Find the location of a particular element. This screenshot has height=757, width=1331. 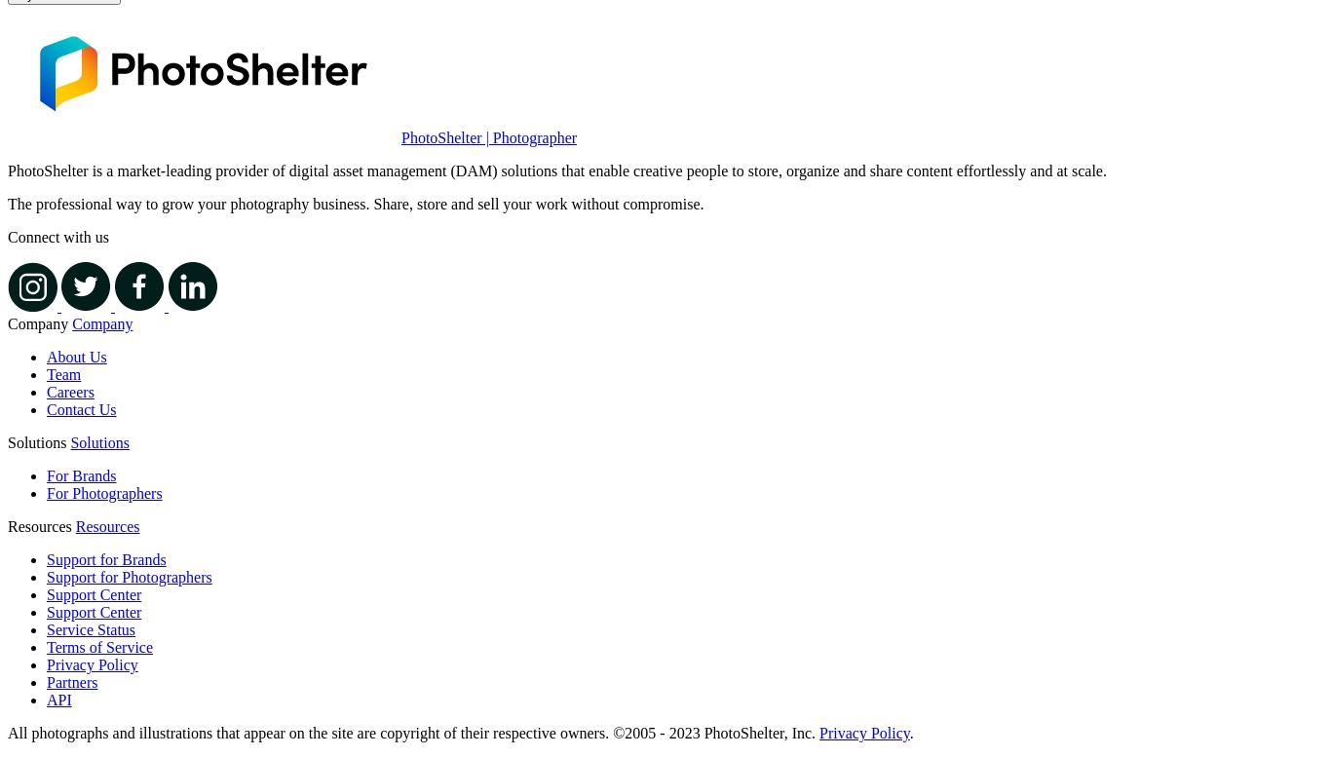

'For Brands' is located at coordinates (81, 475).